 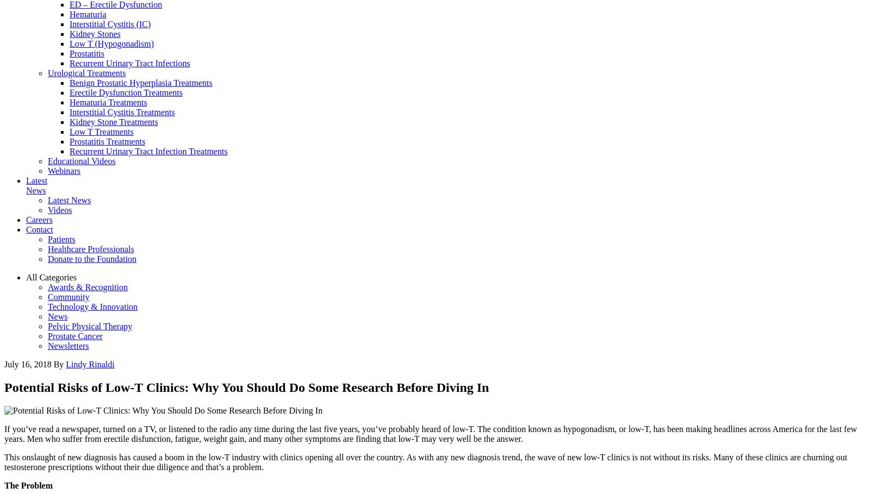 What do you see at coordinates (108, 102) in the screenshot?
I see `'Hematuria Treatments'` at bounding box center [108, 102].